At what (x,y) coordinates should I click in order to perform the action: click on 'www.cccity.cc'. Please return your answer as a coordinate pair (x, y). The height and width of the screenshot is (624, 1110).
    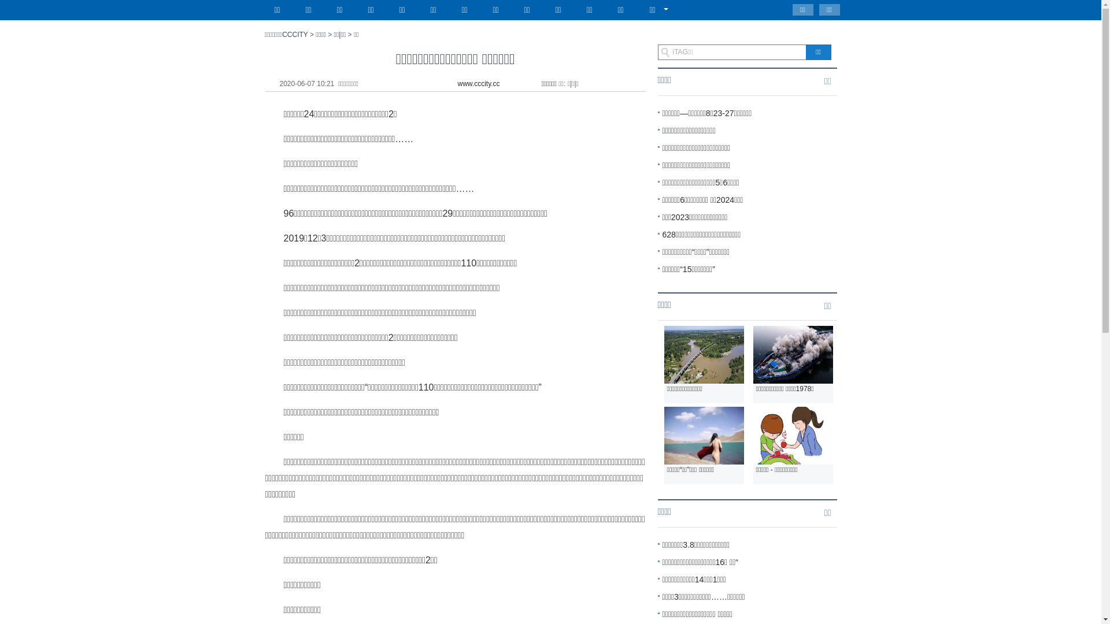
    Looking at the image, I should click on (479, 83).